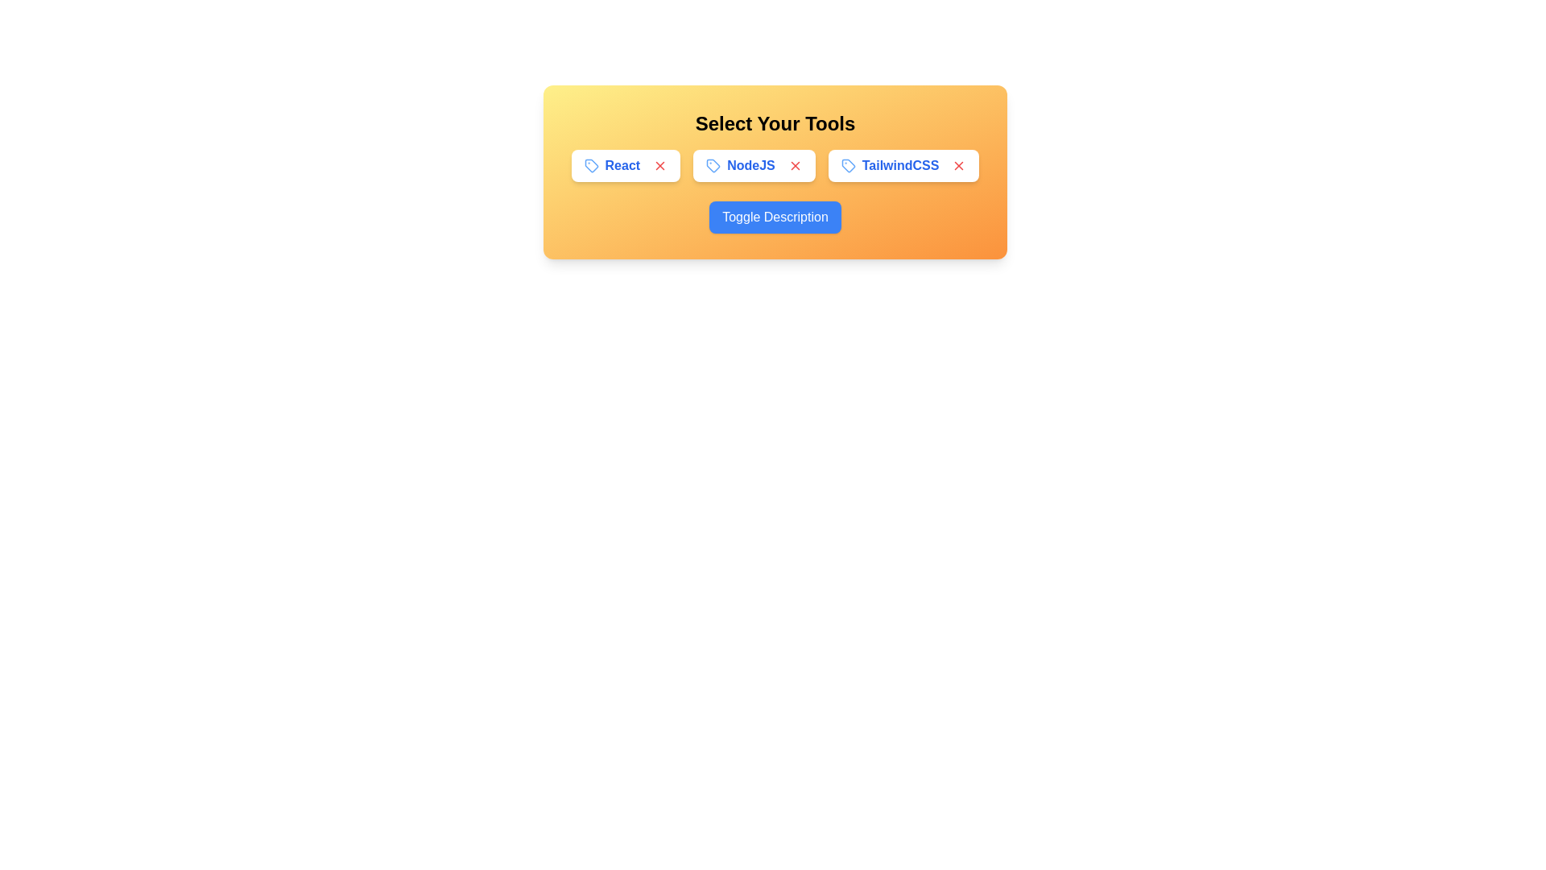  What do you see at coordinates (775, 217) in the screenshot?
I see `'Toggle Description' button` at bounding box center [775, 217].